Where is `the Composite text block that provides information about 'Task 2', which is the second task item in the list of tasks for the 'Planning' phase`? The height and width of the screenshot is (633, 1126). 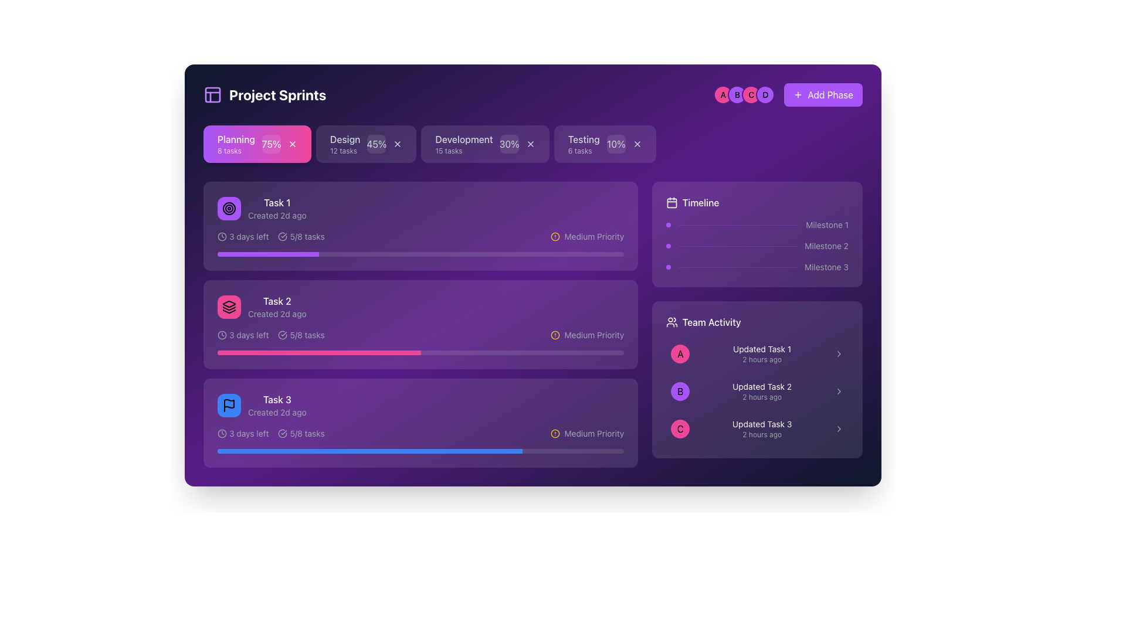
the Composite text block that provides information about 'Task 2', which is the second task item in the list of tasks for the 'Planning' phase is located at coordinates (276, 307).